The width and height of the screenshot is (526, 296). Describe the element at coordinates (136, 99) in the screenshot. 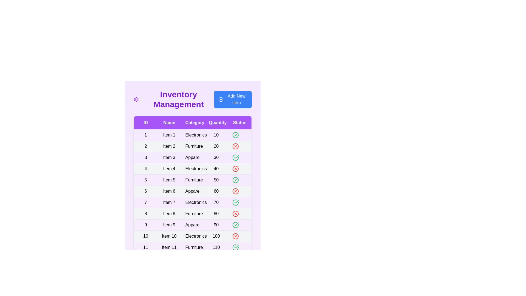

I see `the 'Settings' icon to open the settings menu` at that location.